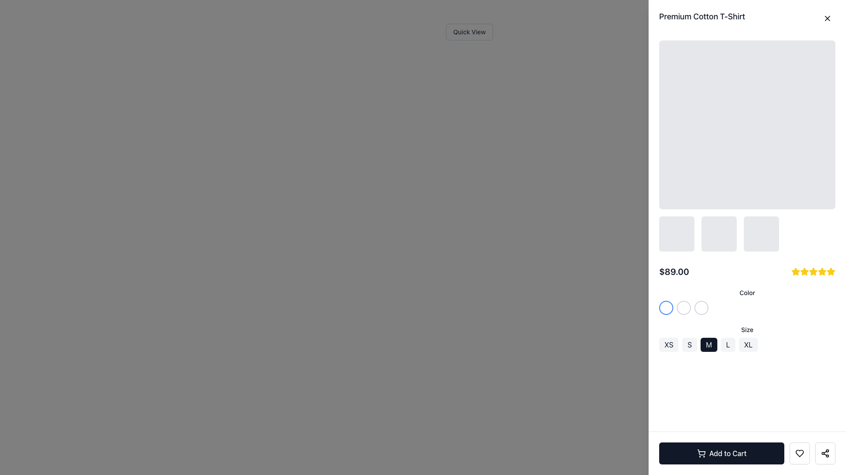 The image size is (846, 475). What do you see at coordinates (799, 453) in the screenshot?
I see `the favorite icon located in the bottom-right corner of the interface to mark the item as favorite` at bounding box center [799, 453].